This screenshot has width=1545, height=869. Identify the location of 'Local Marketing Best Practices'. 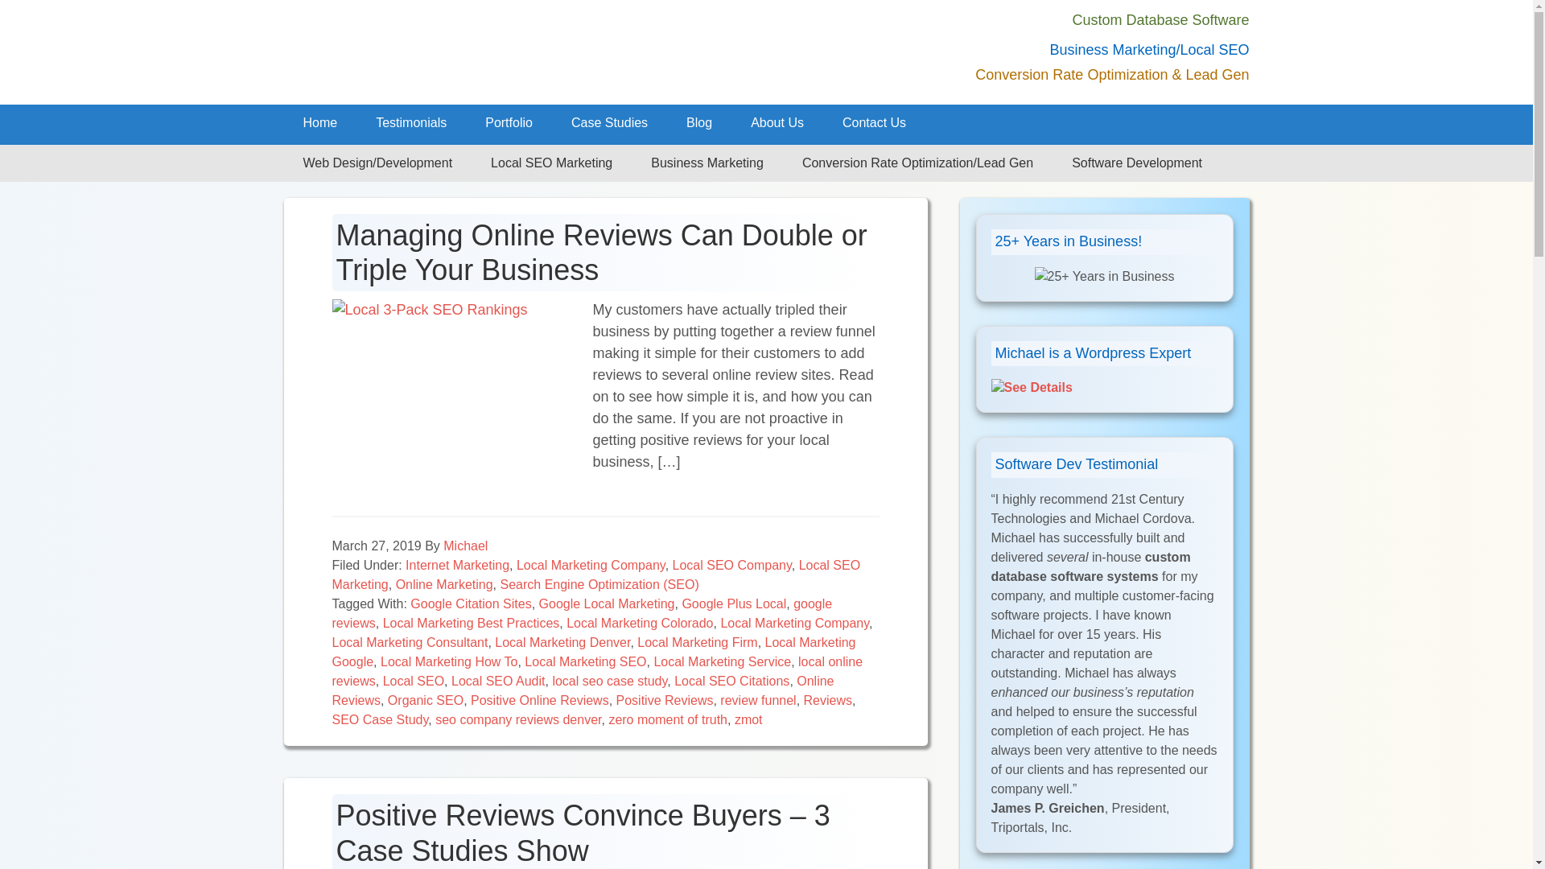
(470, 622).